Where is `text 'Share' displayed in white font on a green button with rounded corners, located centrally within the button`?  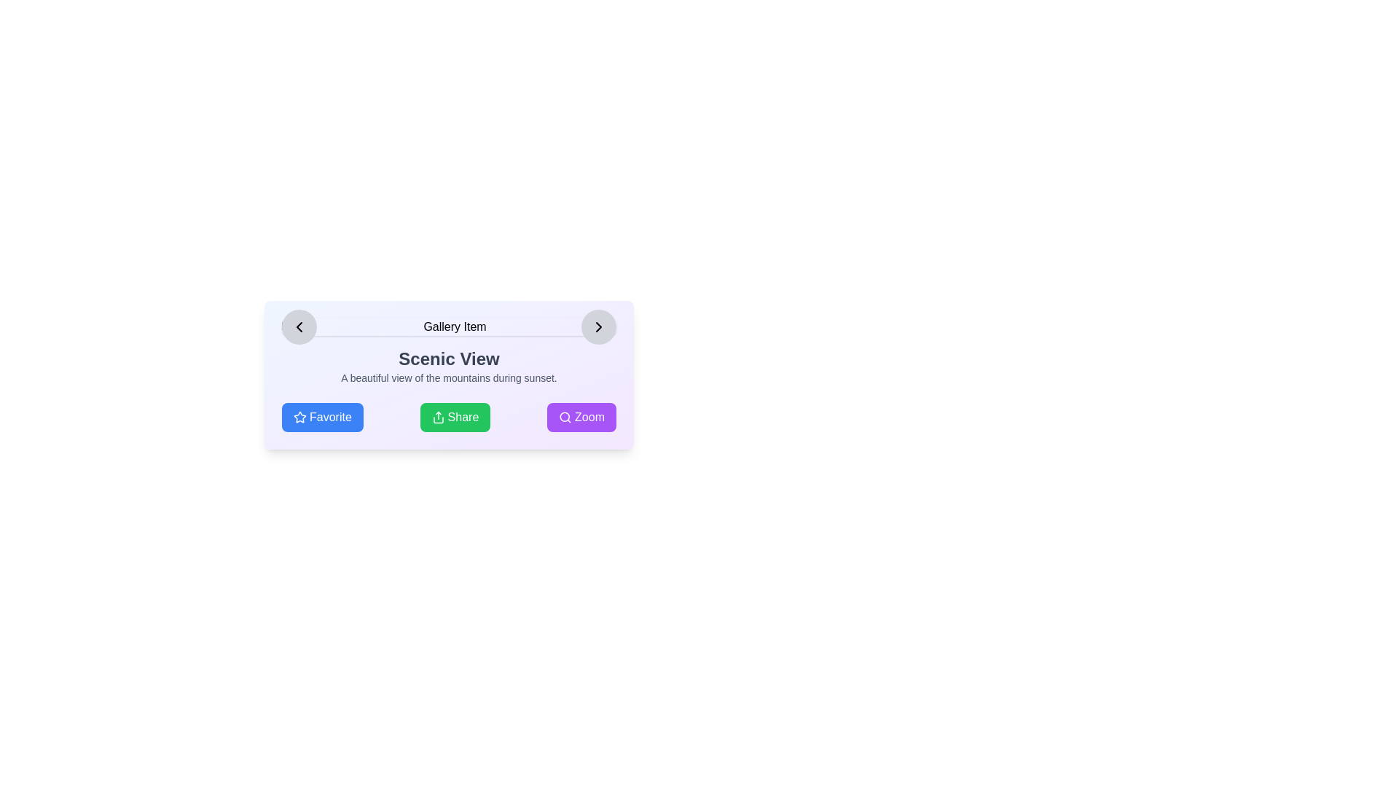
text 'Share' displayed in white font on a green button with rounded corners, located centrally within the button is located at coordinates (462, 418).